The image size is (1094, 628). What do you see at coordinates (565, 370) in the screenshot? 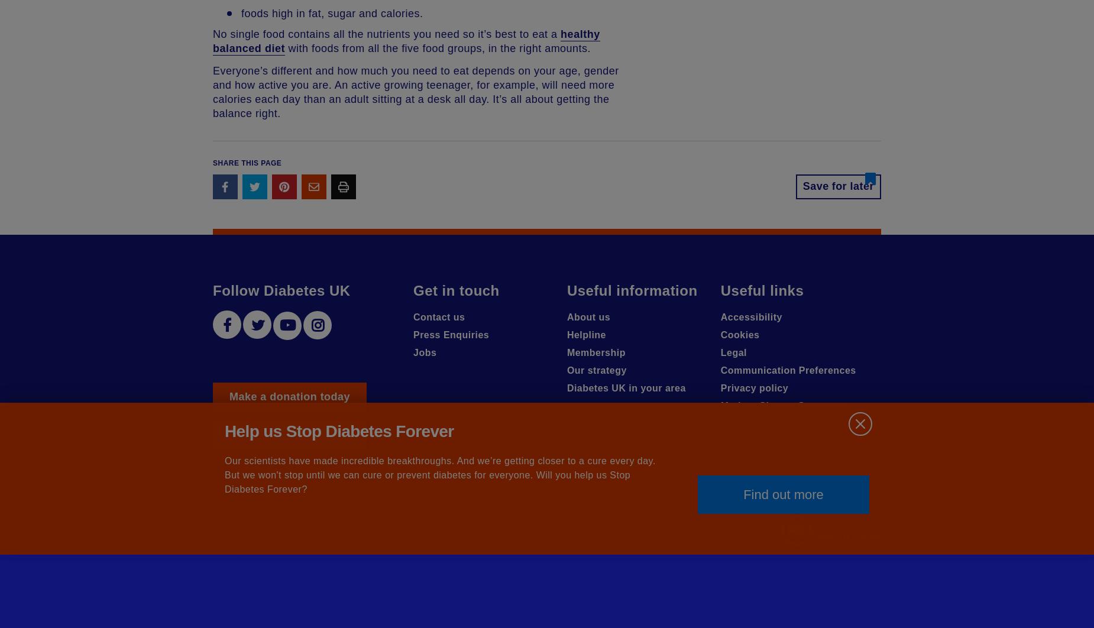
I see `'Our strategy'` at bounding box center [565, 370].